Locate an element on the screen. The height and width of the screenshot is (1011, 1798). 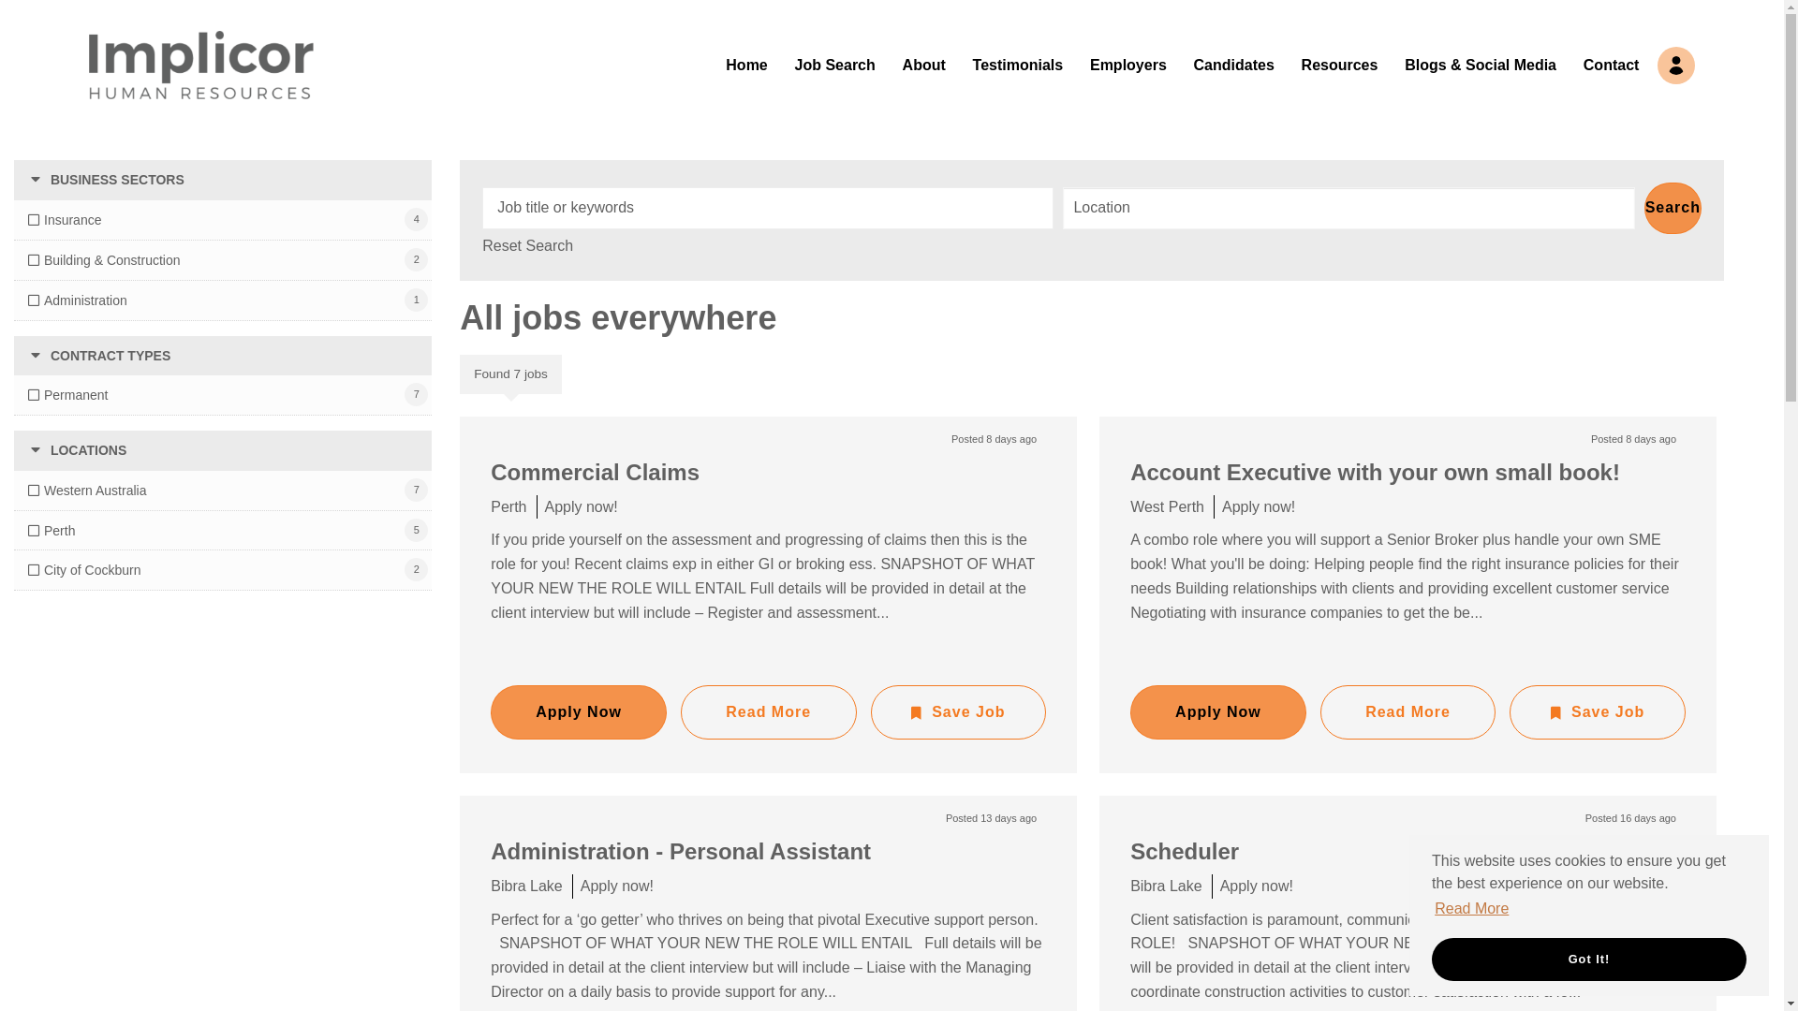
'Search' is located at coordinates (1673, 208).